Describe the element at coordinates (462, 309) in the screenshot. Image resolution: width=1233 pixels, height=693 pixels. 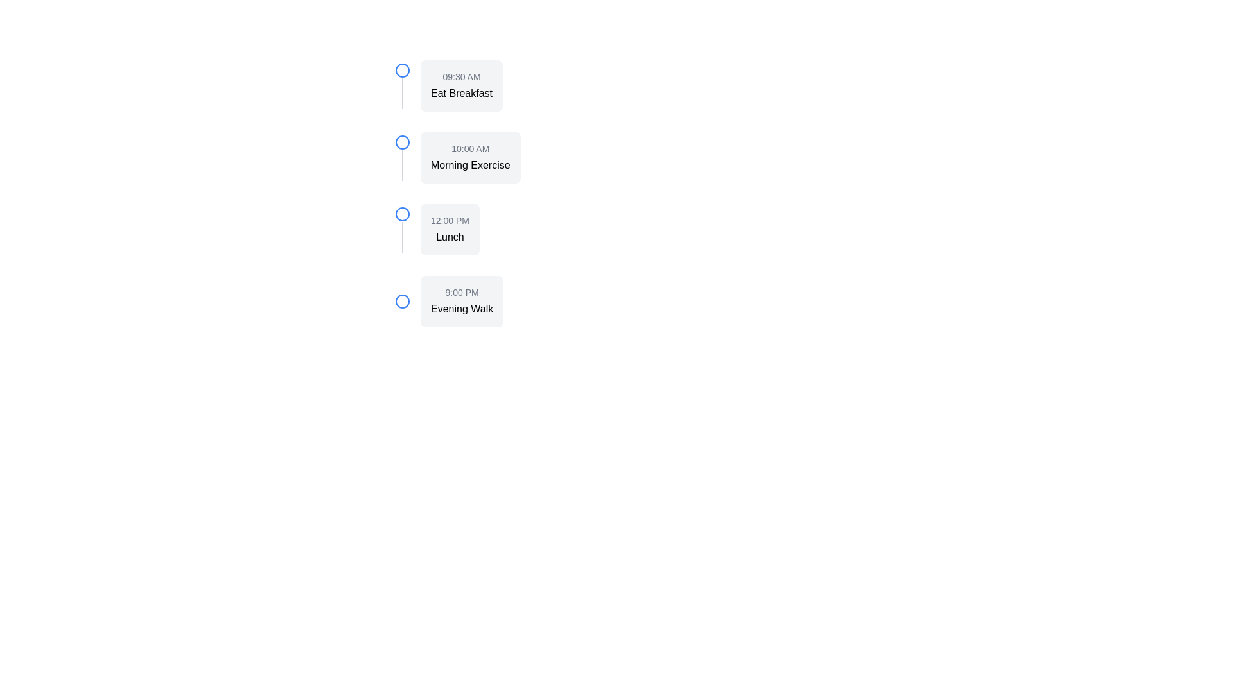
I see `the text label displaying 'Evening Walk', which is the second line of text in the '9:00 PM' event item within the time-based schedule interface` at that location.